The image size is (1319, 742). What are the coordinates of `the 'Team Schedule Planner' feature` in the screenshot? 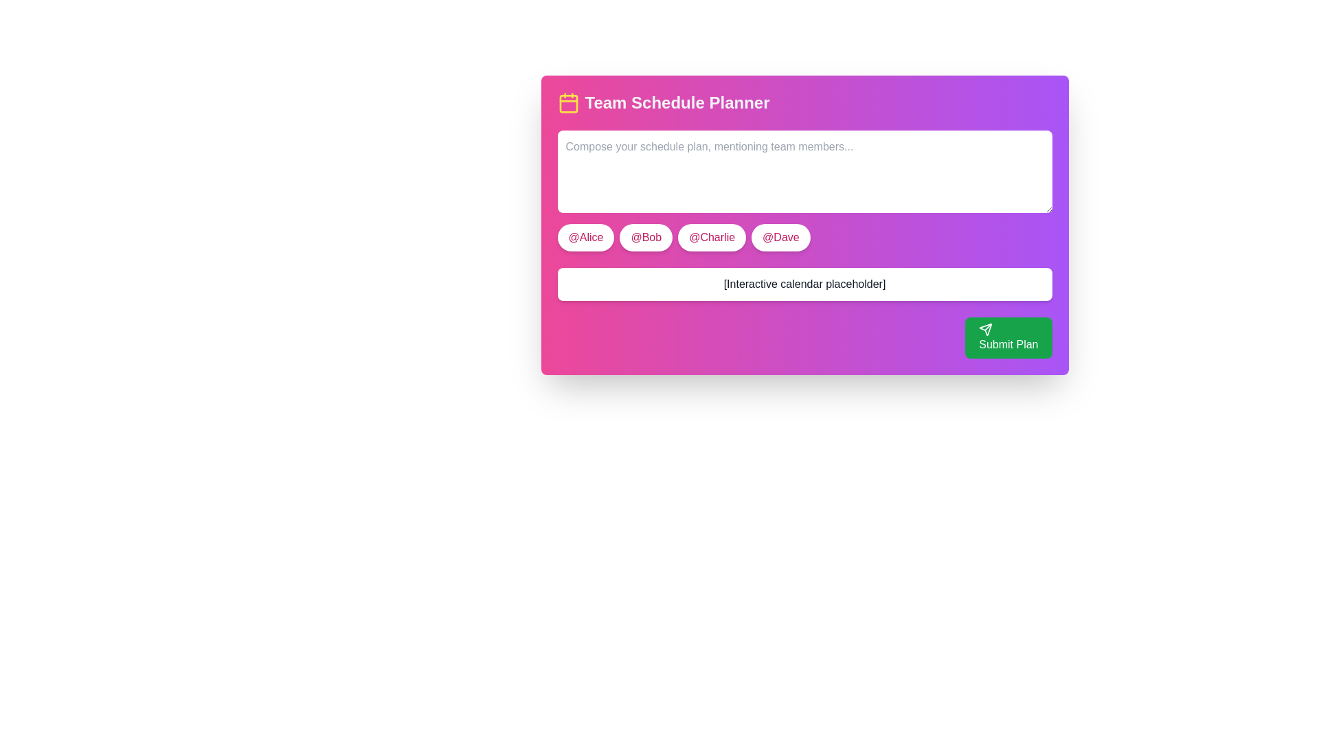 It's located at (568, 102).